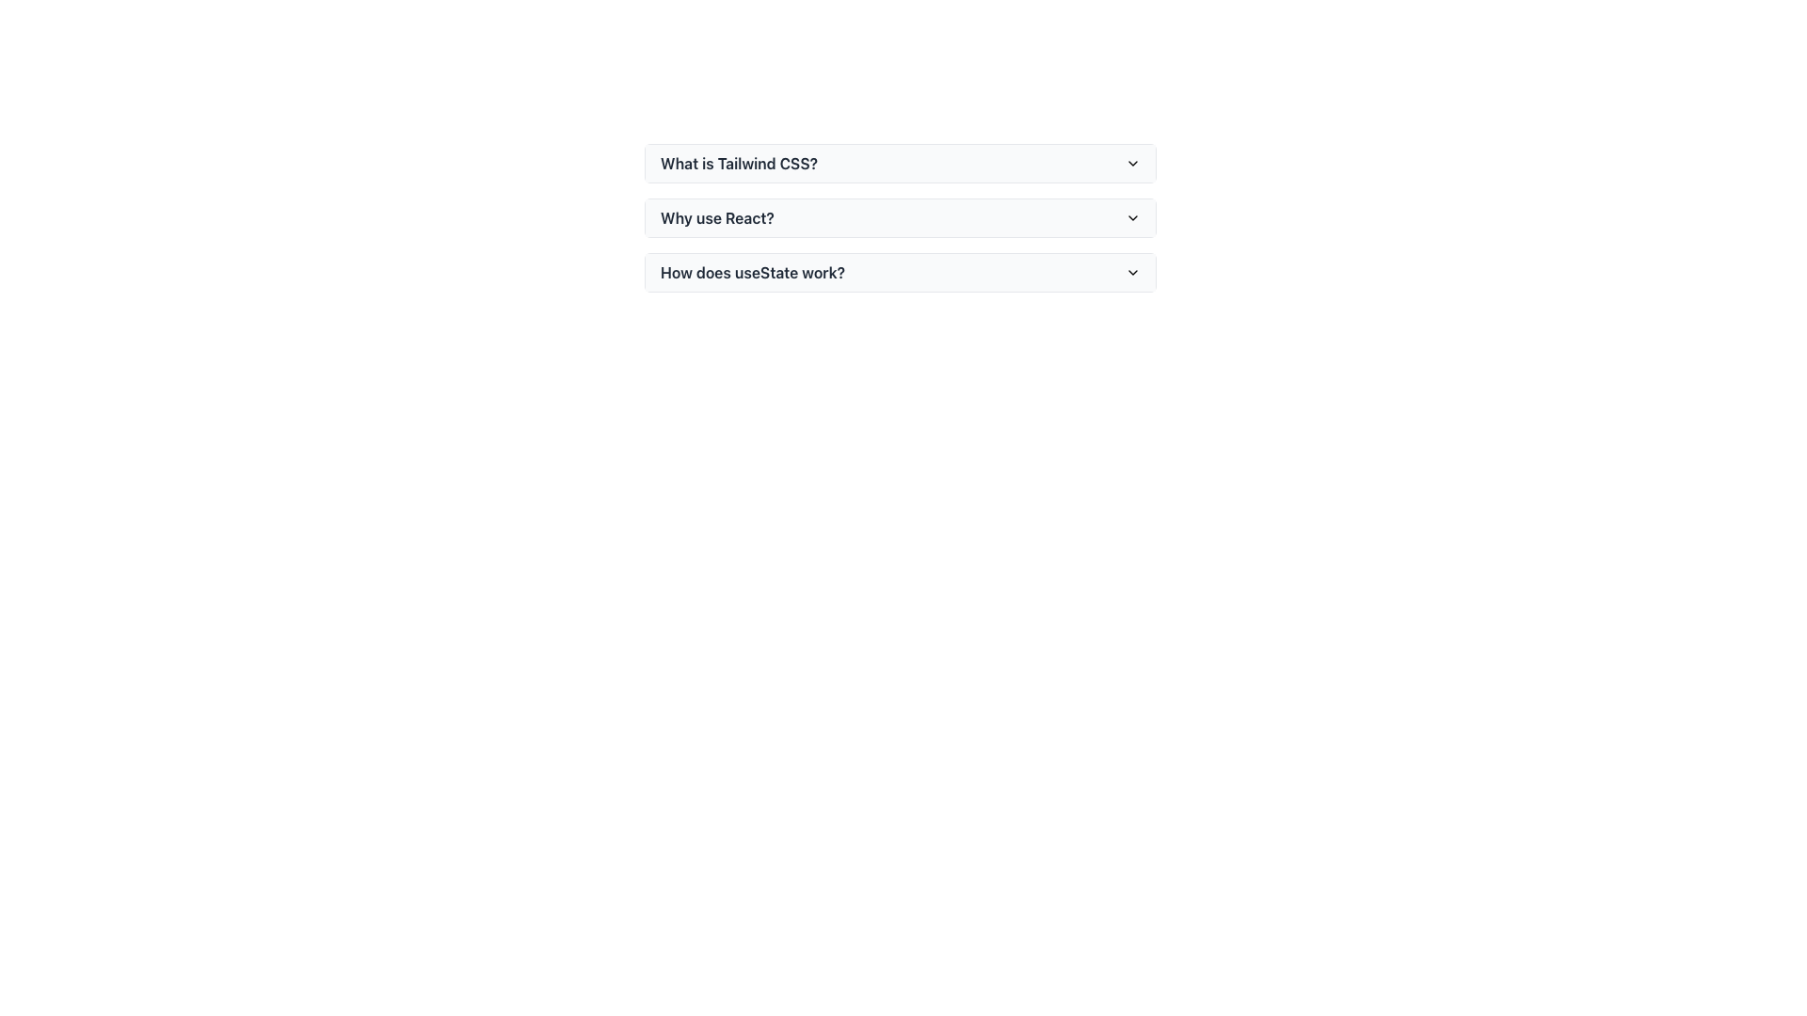  Describe the element at coordinates (899, 216) in the screenshot. I see `the collapsible list item labeled 'Why use React?'` at that location.